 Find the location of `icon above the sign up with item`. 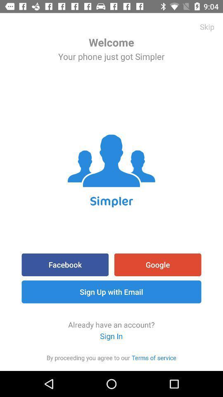

icon above the sign up with item is located at coordinates (158, 264).